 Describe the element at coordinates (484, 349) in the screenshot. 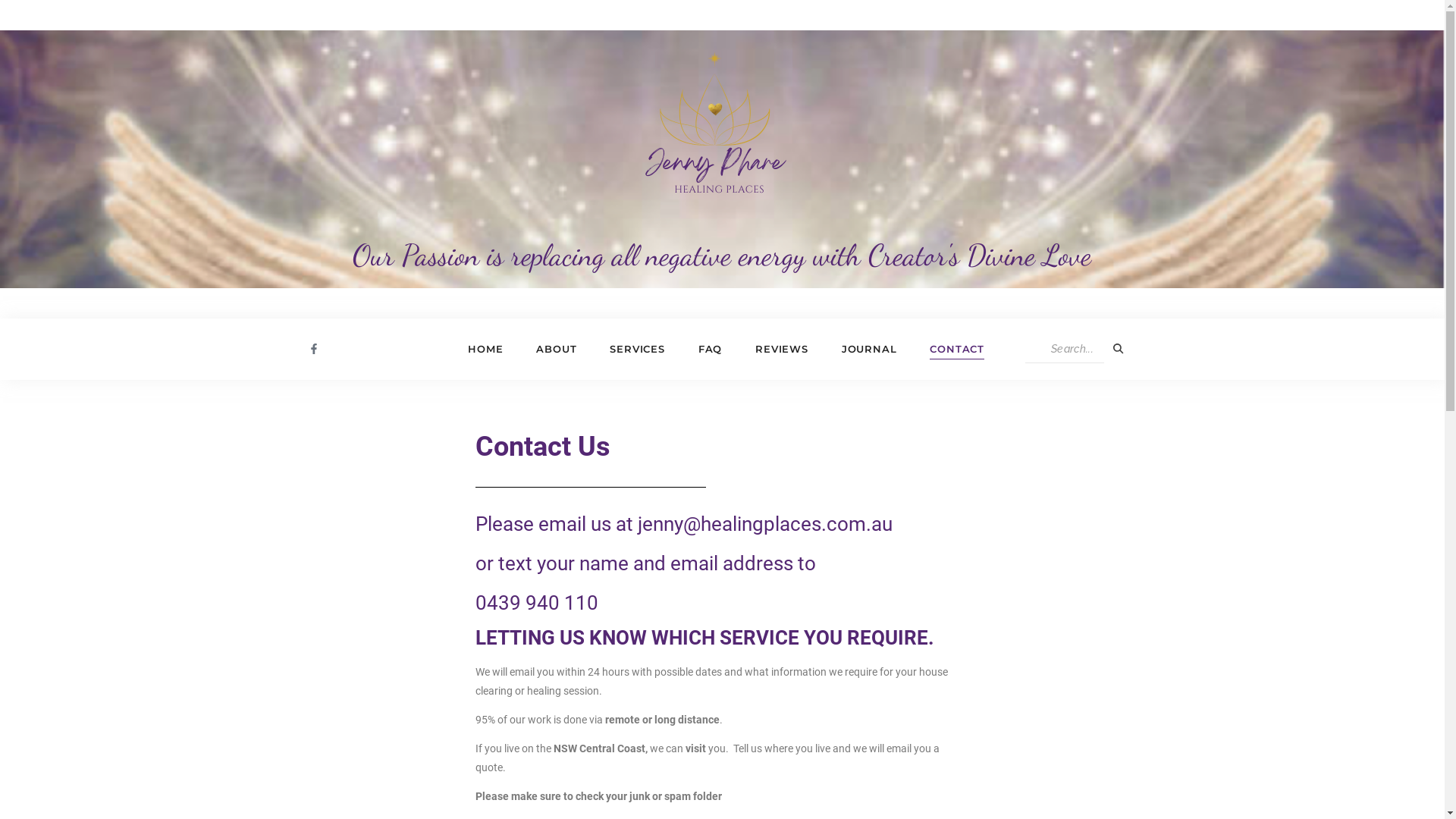

I see `'HOME'` at that location.